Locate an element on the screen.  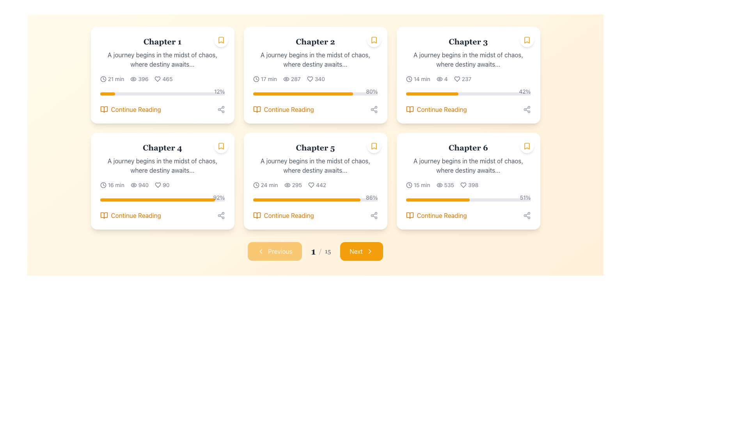
current page number indicator located at the center of the Pagination navigation bar, which is positioned between the 'Previous' and 'Next' buttons is located at coordinates (315, 251).